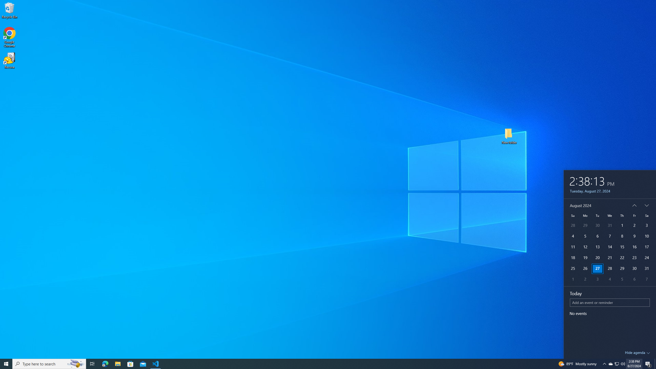  What do you see at coordinates (156, 363) in the screenshot?
I see `'Visual Studio Code - 1 running window'` at bounding box center [156, 363].